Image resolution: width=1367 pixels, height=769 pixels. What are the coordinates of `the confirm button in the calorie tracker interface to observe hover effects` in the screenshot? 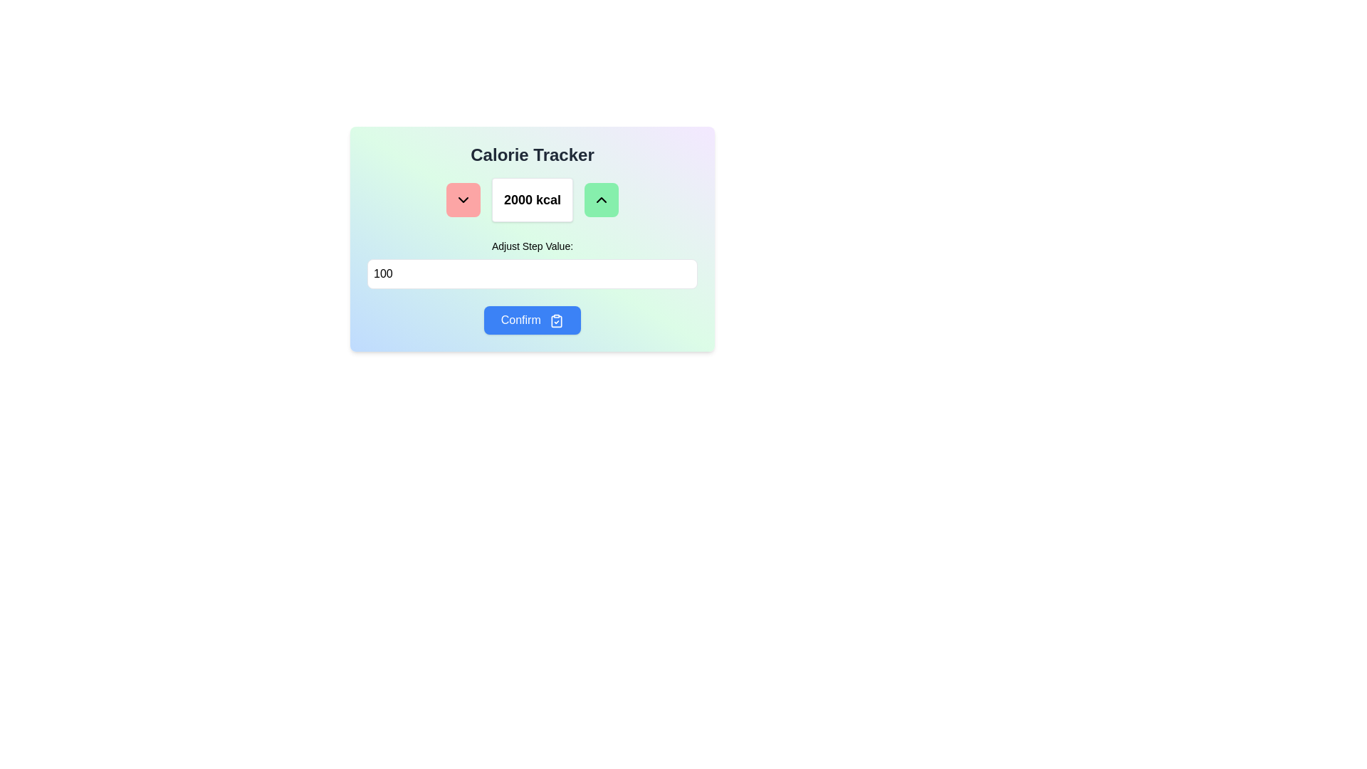 It's located at (532, 320).